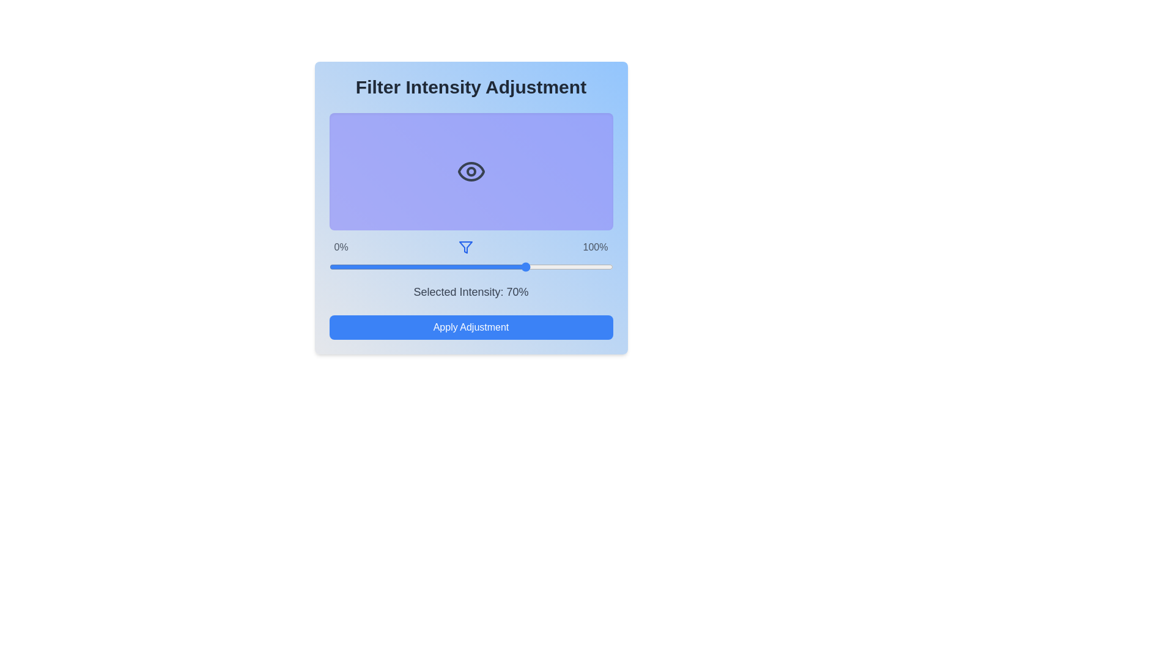  I want to click on the filter intensity to 92% using the slider, so click(590, 266).